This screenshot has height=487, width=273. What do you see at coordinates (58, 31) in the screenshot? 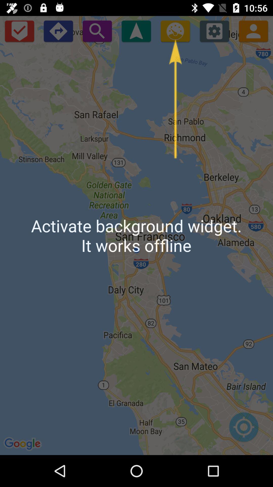
I see `get directions` at bounding box center [58, 31].